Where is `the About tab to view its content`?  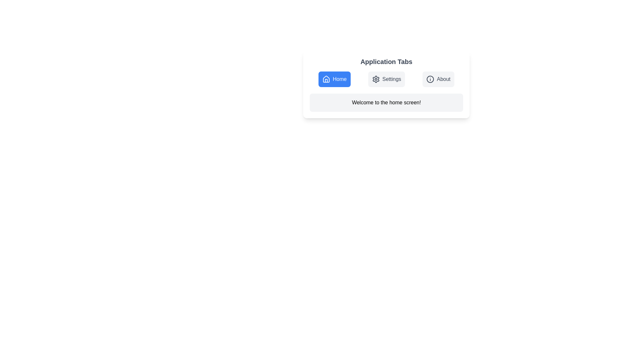 the About tab to view its content is located at coordinates (438, 79).